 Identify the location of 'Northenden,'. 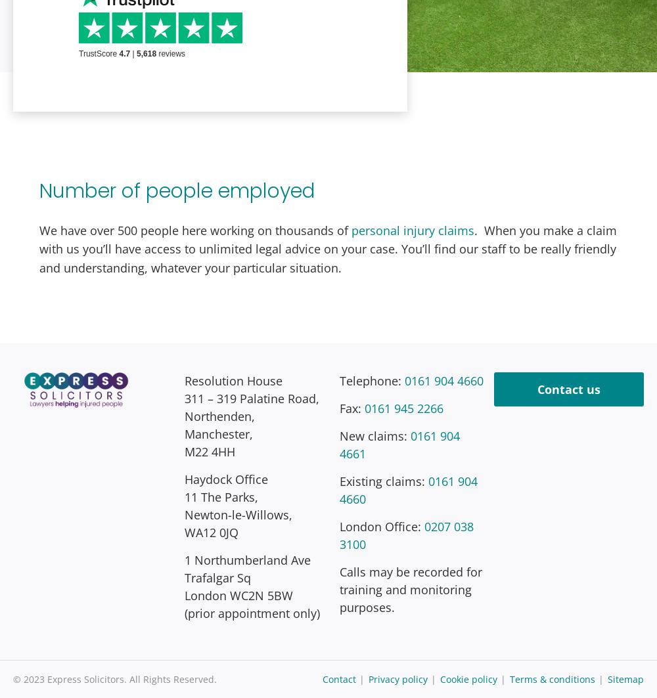
(218, 415).